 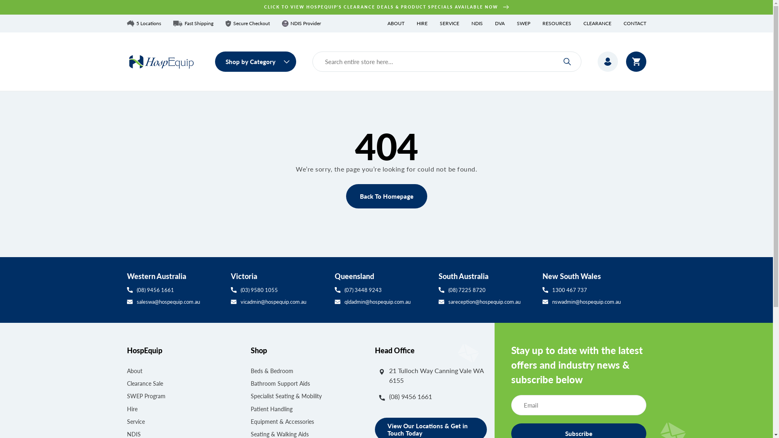 I want to click on 'SWEP Program', so click(x=126, y=395).